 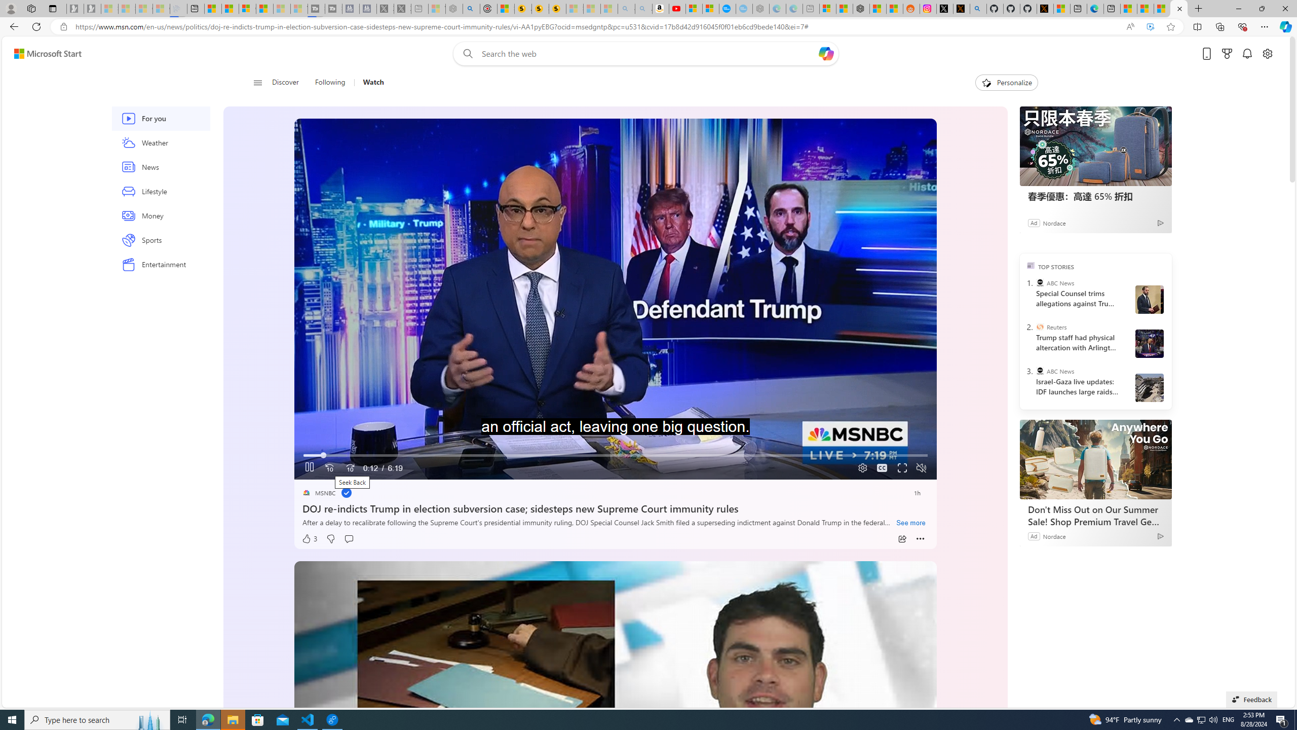 I want to click on 'Wildlife - MSN - Sleeping', so click(x=436, y=8).